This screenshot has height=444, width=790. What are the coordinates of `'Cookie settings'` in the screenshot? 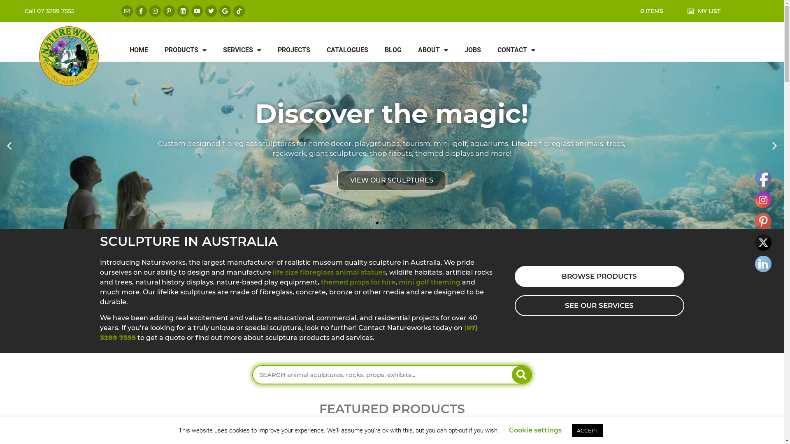 It's located at (535, 430).